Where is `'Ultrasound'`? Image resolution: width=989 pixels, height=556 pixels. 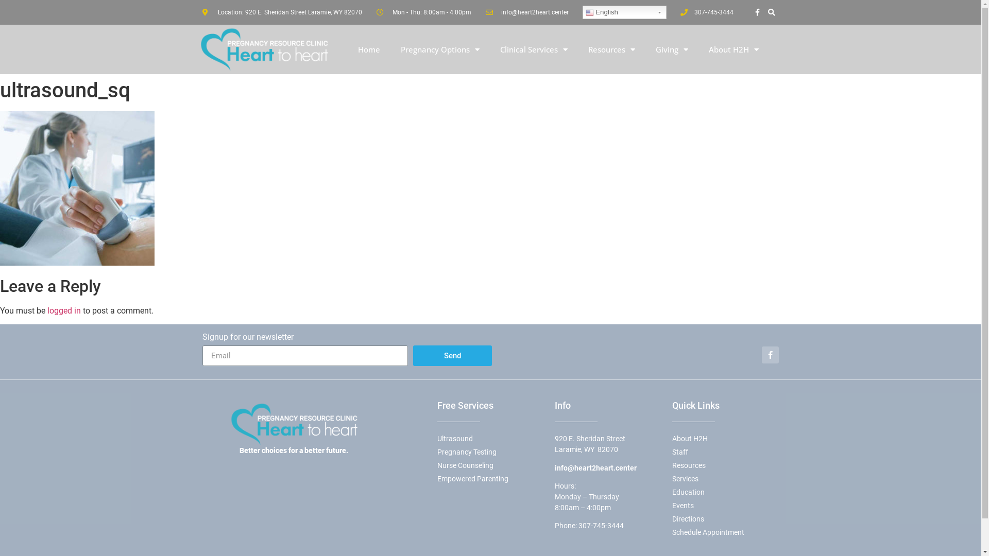 'Ultrasound' is located at coordinates (489, 439).